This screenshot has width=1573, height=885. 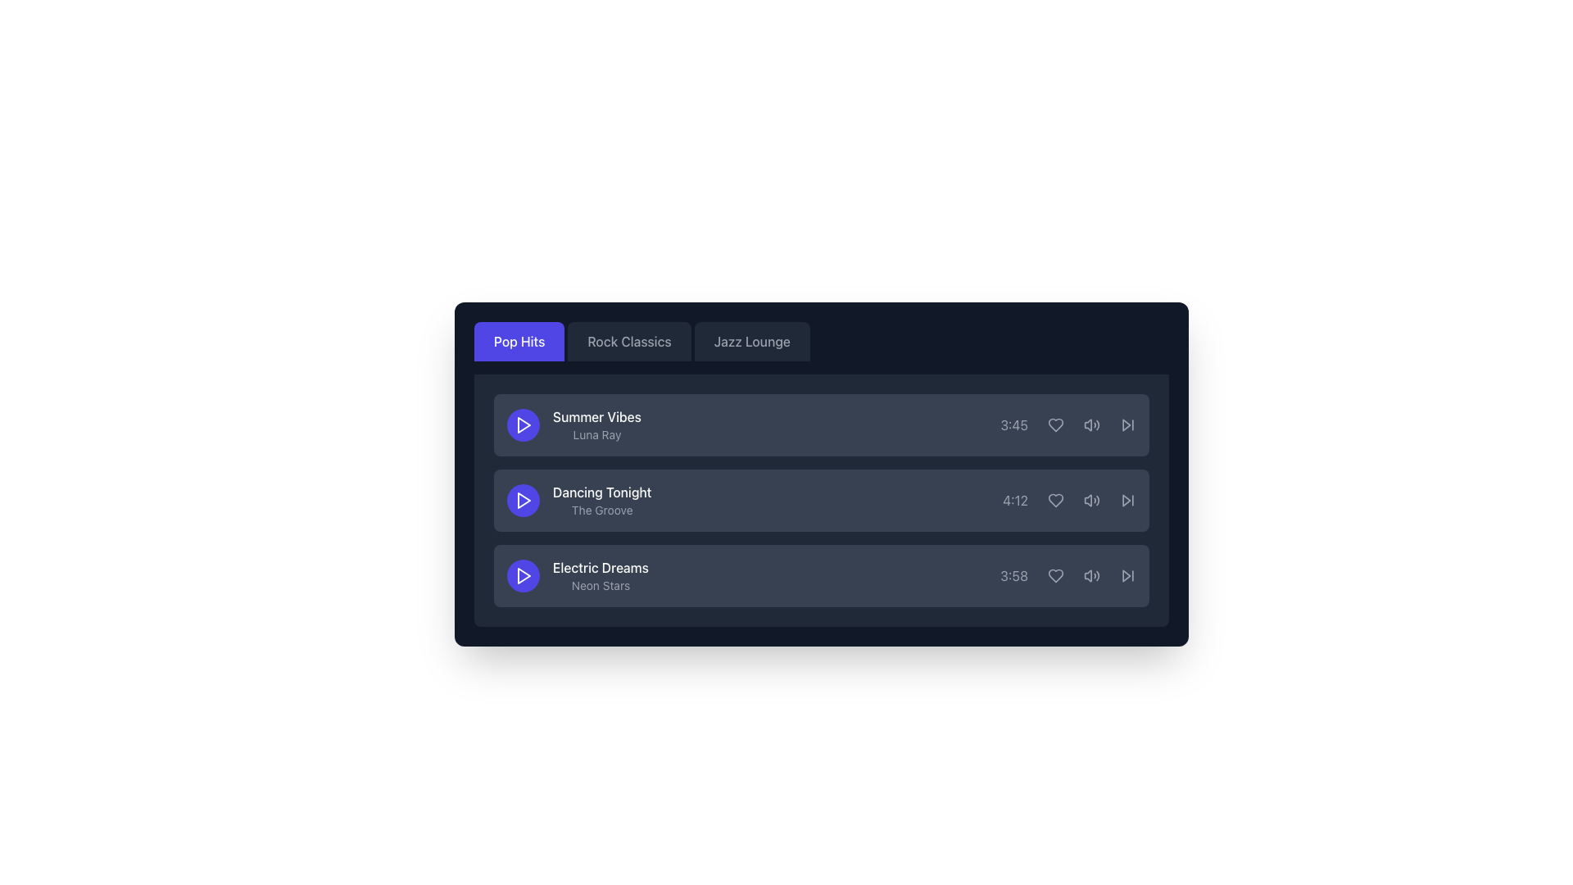 I want to click on displayed text 'Electric Dreams' which is shown in bold white, with 'Neon Stars' in smaller gray text below it, positioned to the right of a circular play button, and is the third item in a vertical list of music tracks, so click(x=578, y=574).